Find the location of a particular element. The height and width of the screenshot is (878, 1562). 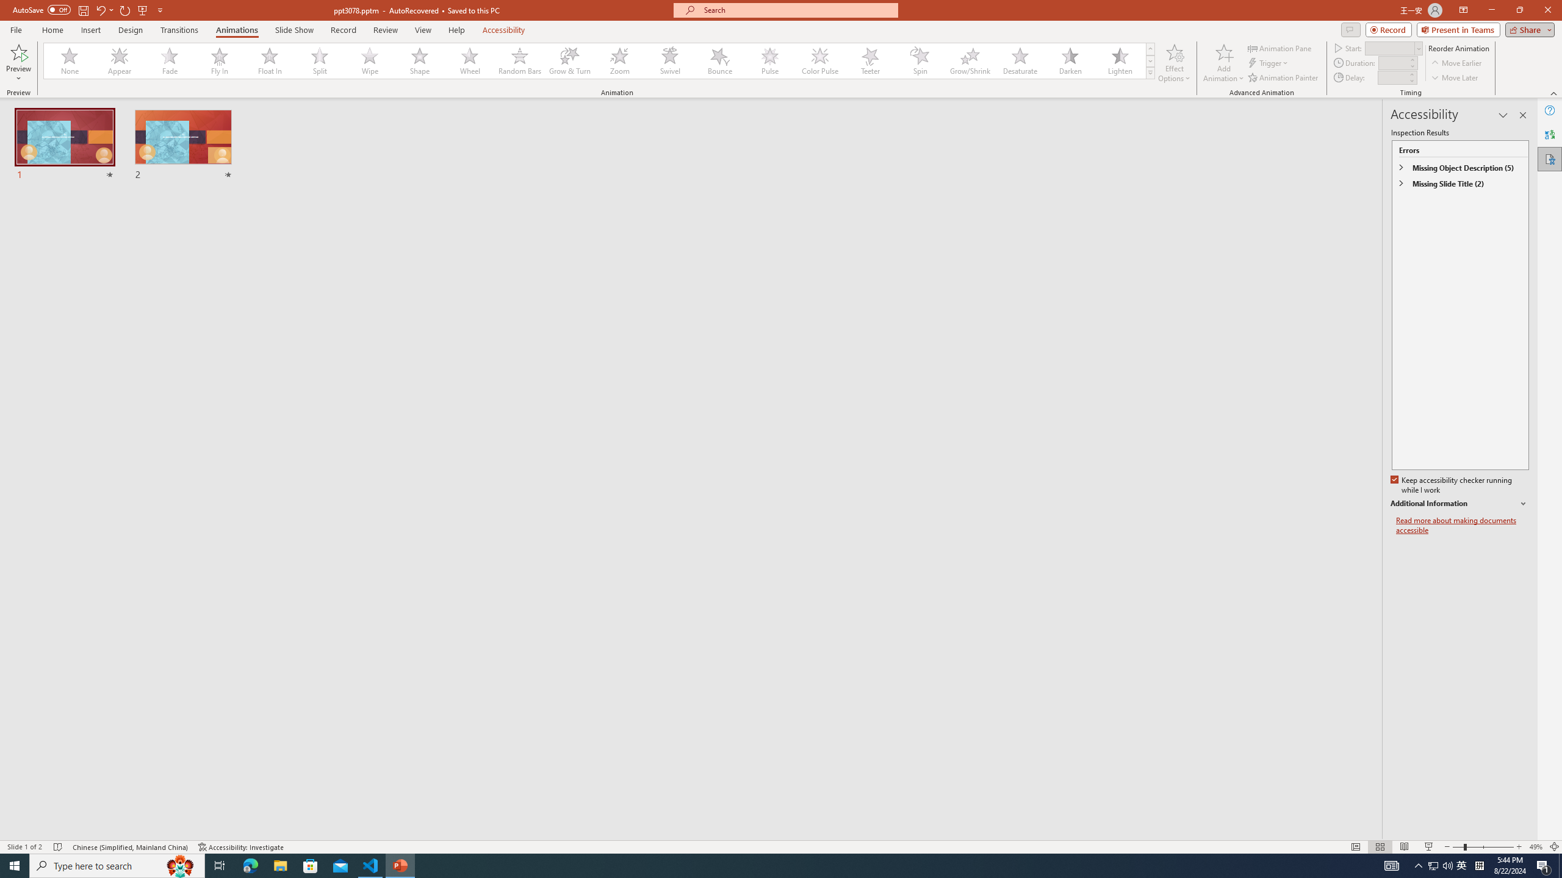

'Reading View' is located at coordinates (1403, 847).